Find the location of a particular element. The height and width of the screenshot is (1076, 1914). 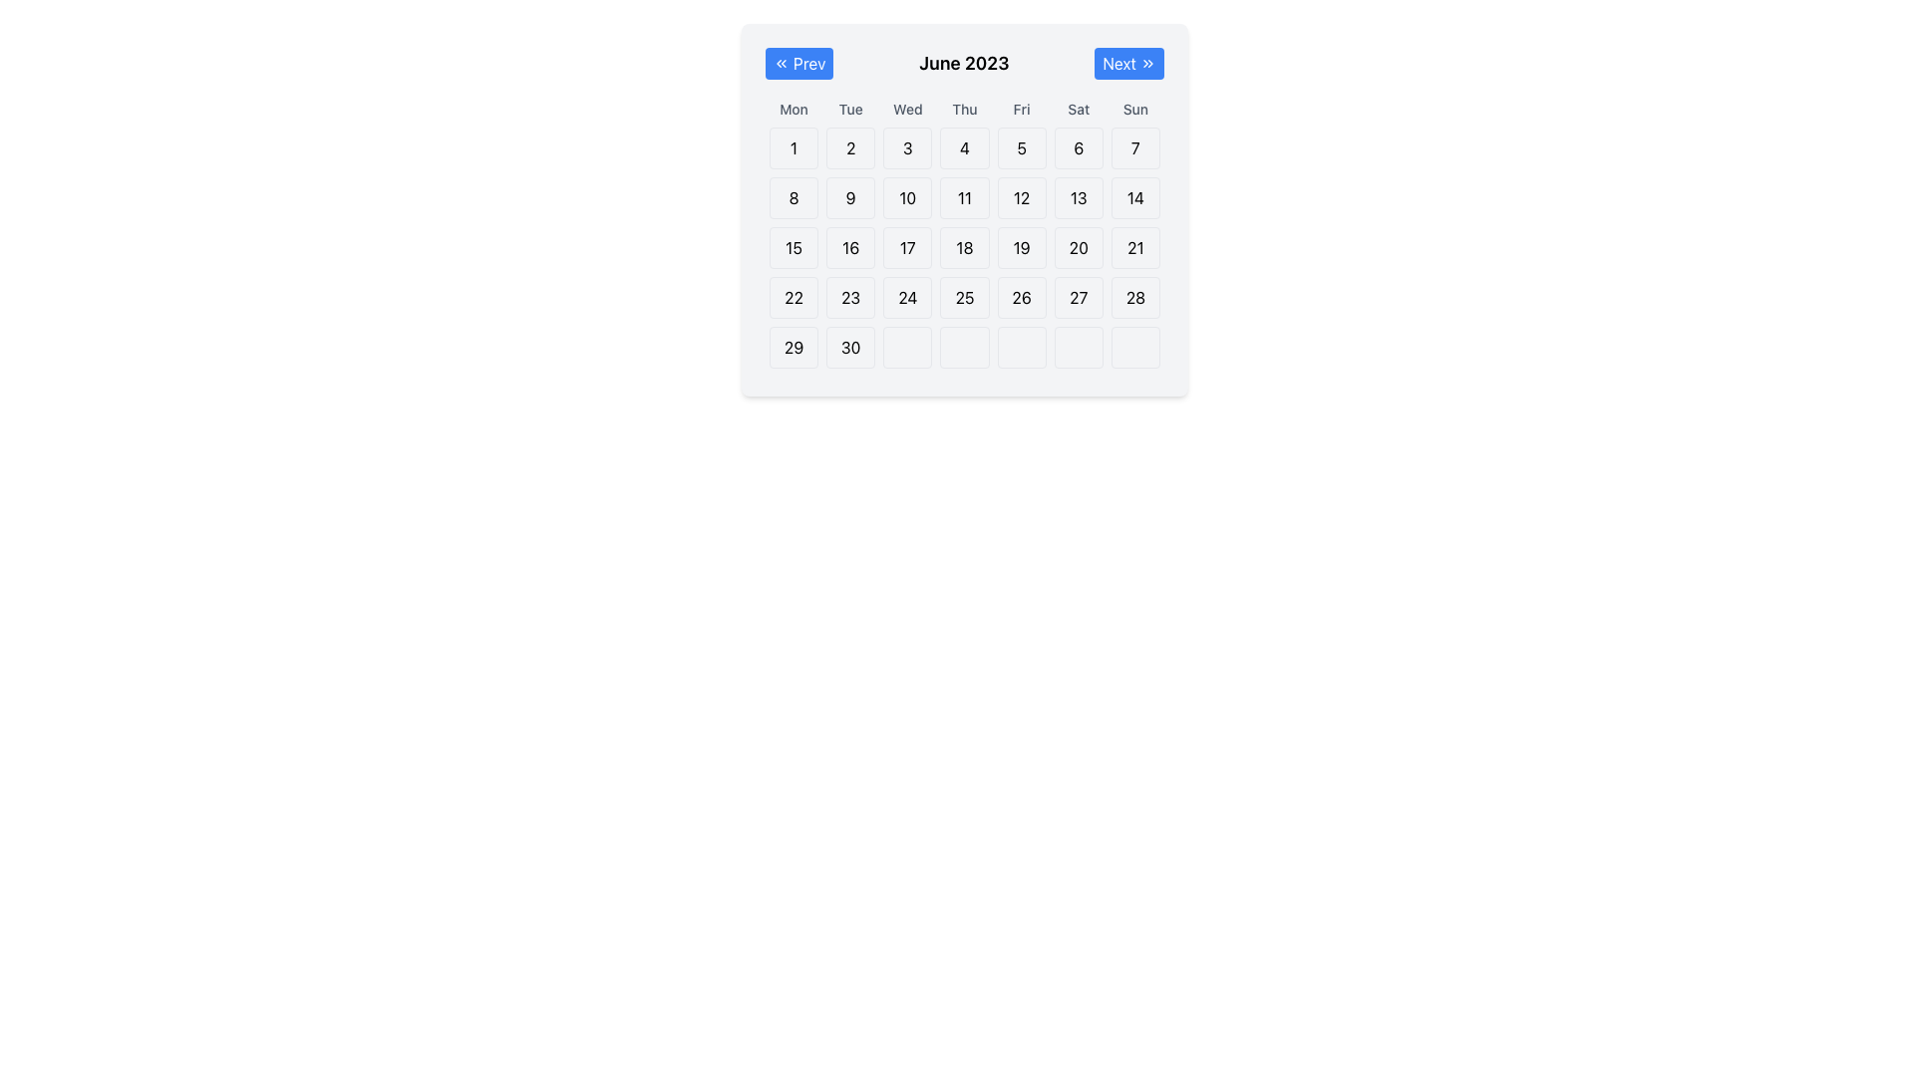

the button representing the date '11' in the calendar interface is located at coordinates (965, 198).